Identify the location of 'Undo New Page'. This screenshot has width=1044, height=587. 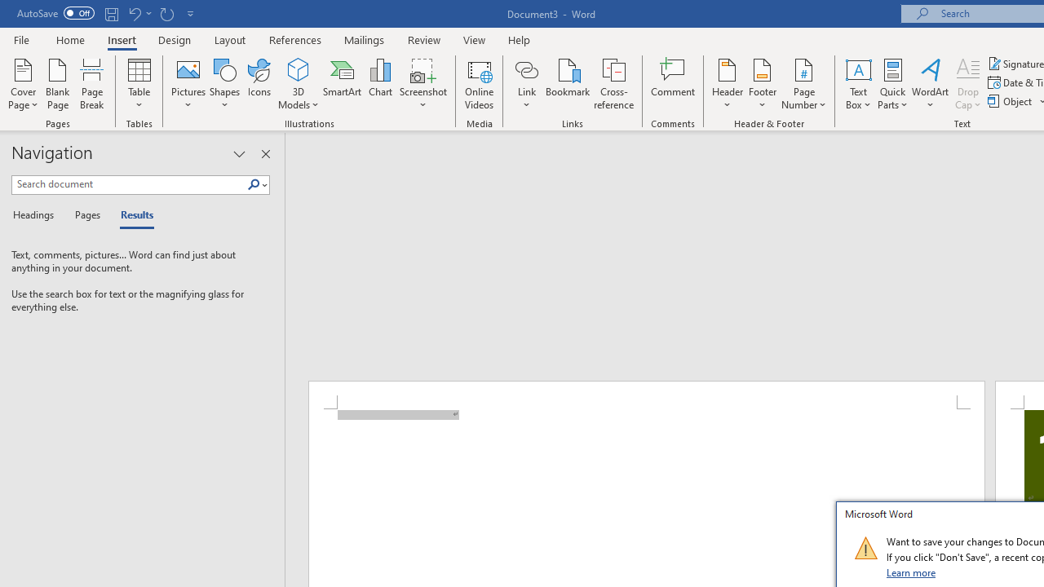
(134, 13).